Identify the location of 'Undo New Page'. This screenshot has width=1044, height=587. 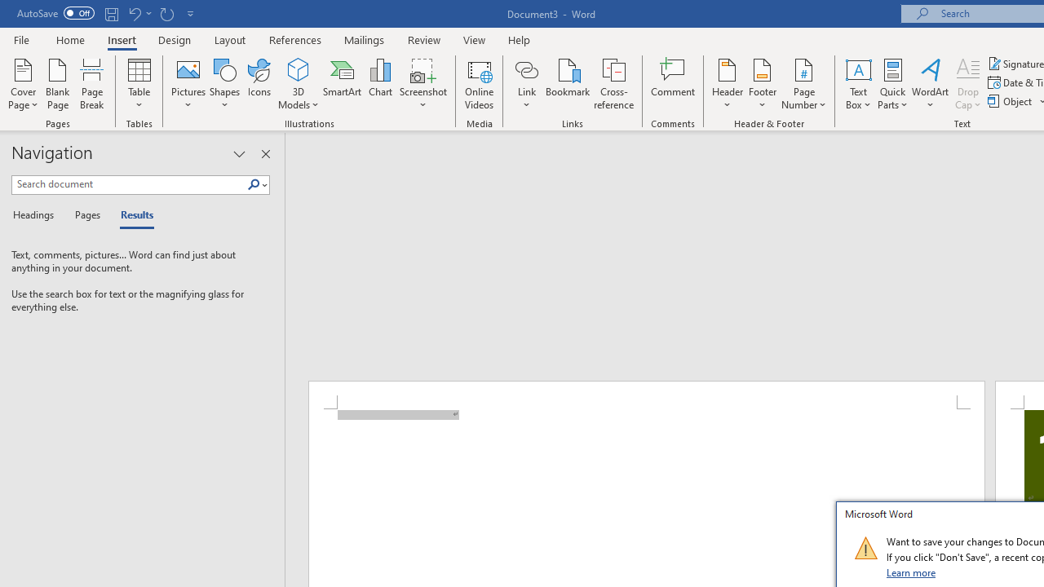
(134, 13).